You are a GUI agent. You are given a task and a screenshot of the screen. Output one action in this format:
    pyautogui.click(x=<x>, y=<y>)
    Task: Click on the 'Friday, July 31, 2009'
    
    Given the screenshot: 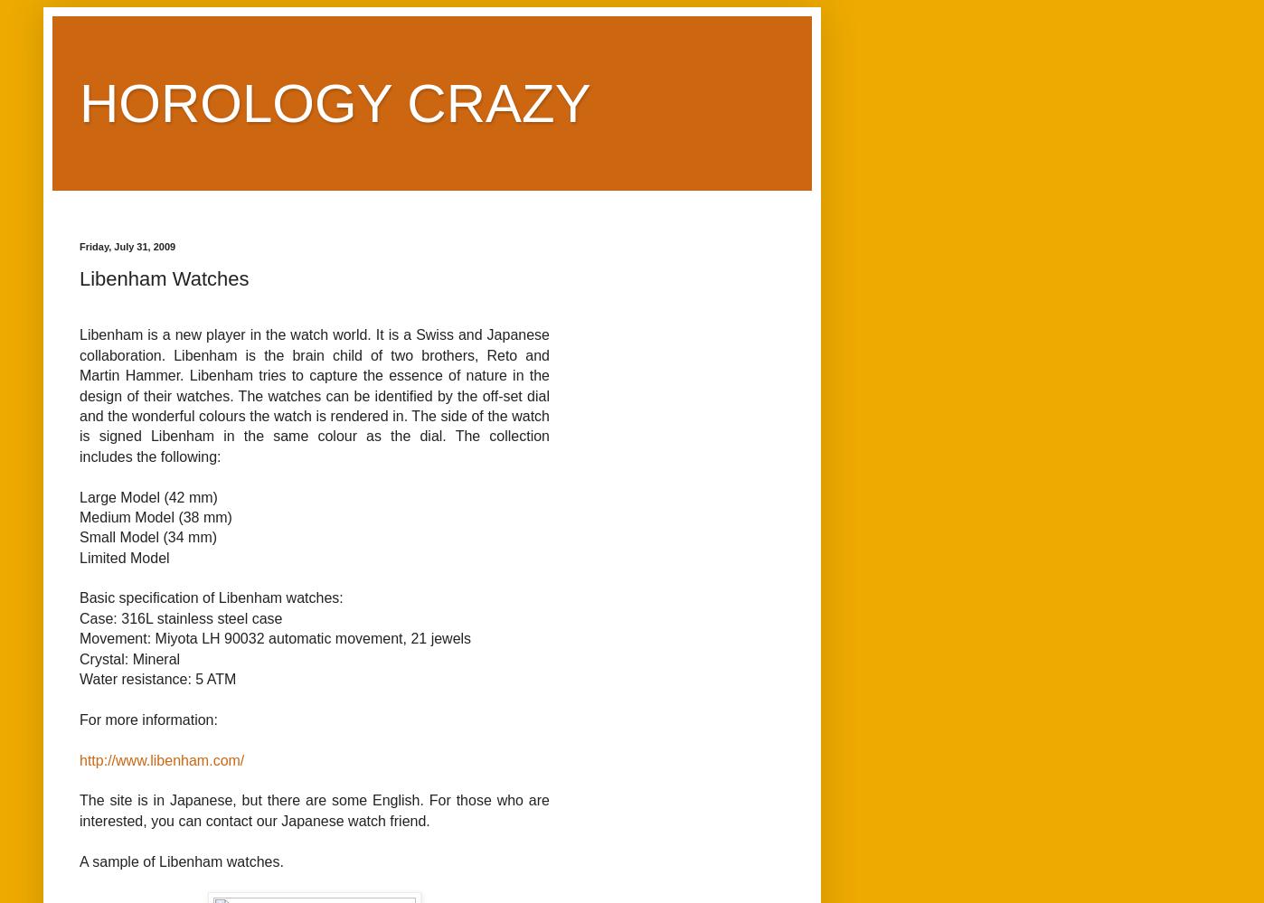 What is the action you would take?
    pyautogui.click(x=127, y=247)
    